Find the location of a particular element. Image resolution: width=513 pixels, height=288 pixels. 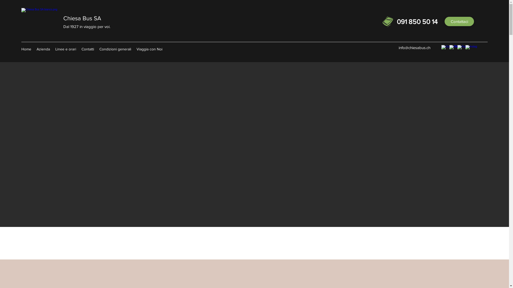

'Linee e orari' is located at coordinates (65, 49).